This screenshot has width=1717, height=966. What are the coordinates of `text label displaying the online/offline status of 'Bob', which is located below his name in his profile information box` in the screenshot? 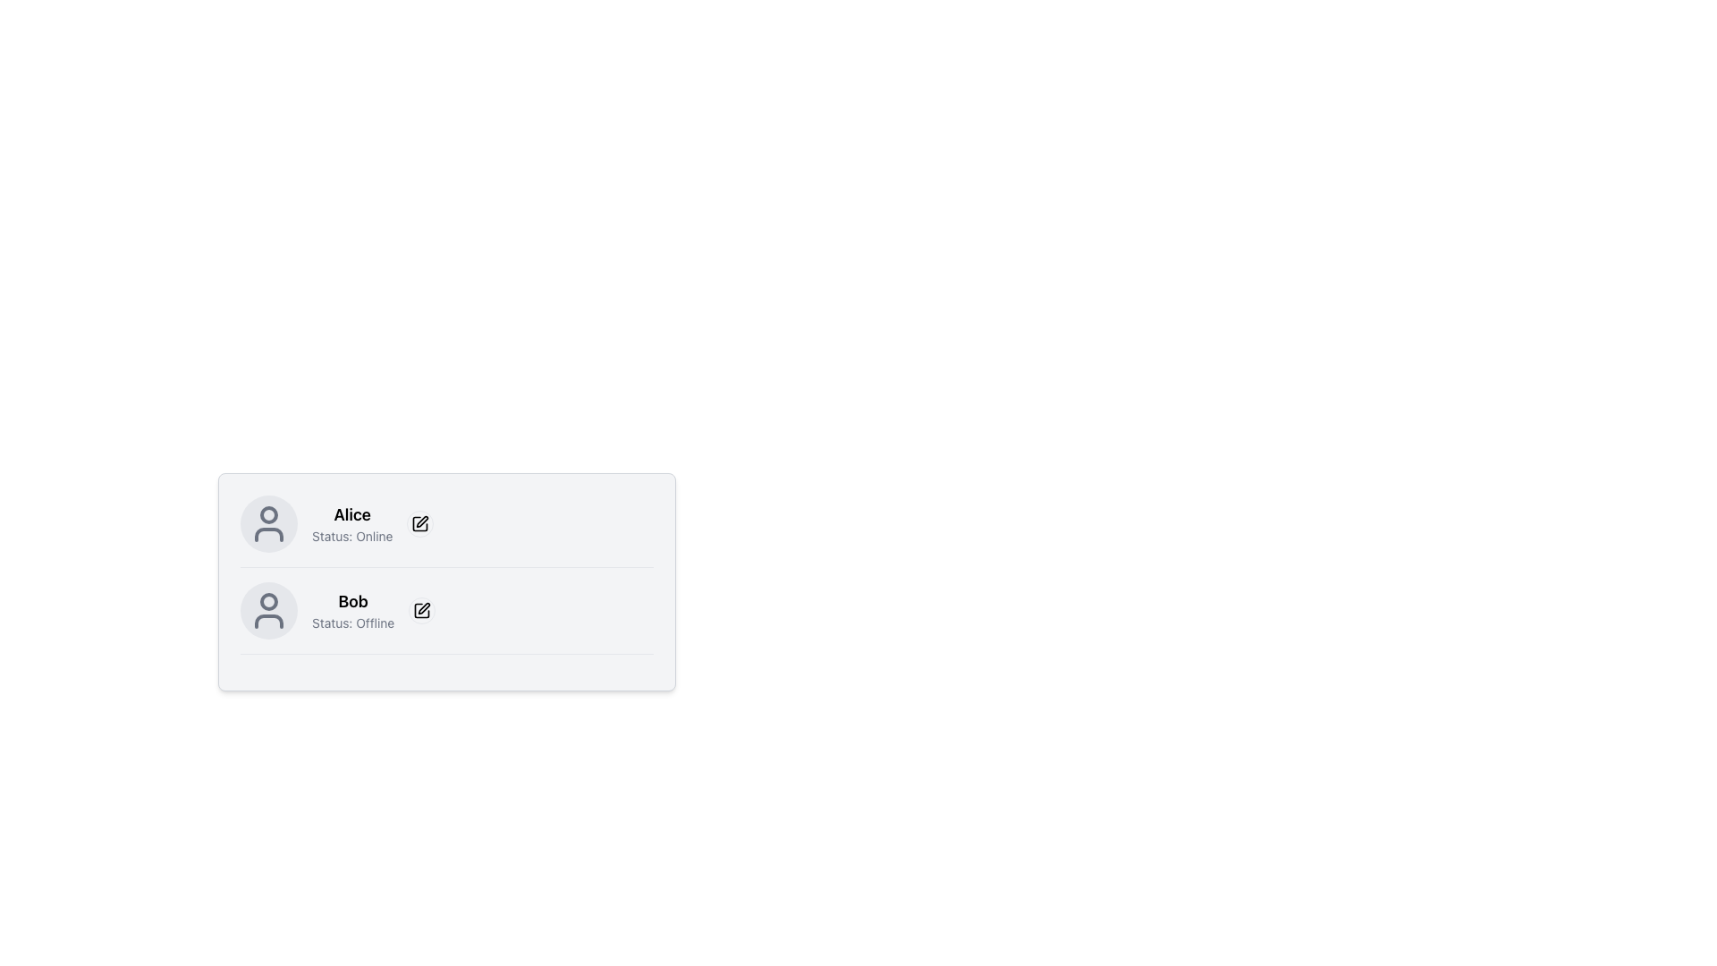 It's located at (353, 623).